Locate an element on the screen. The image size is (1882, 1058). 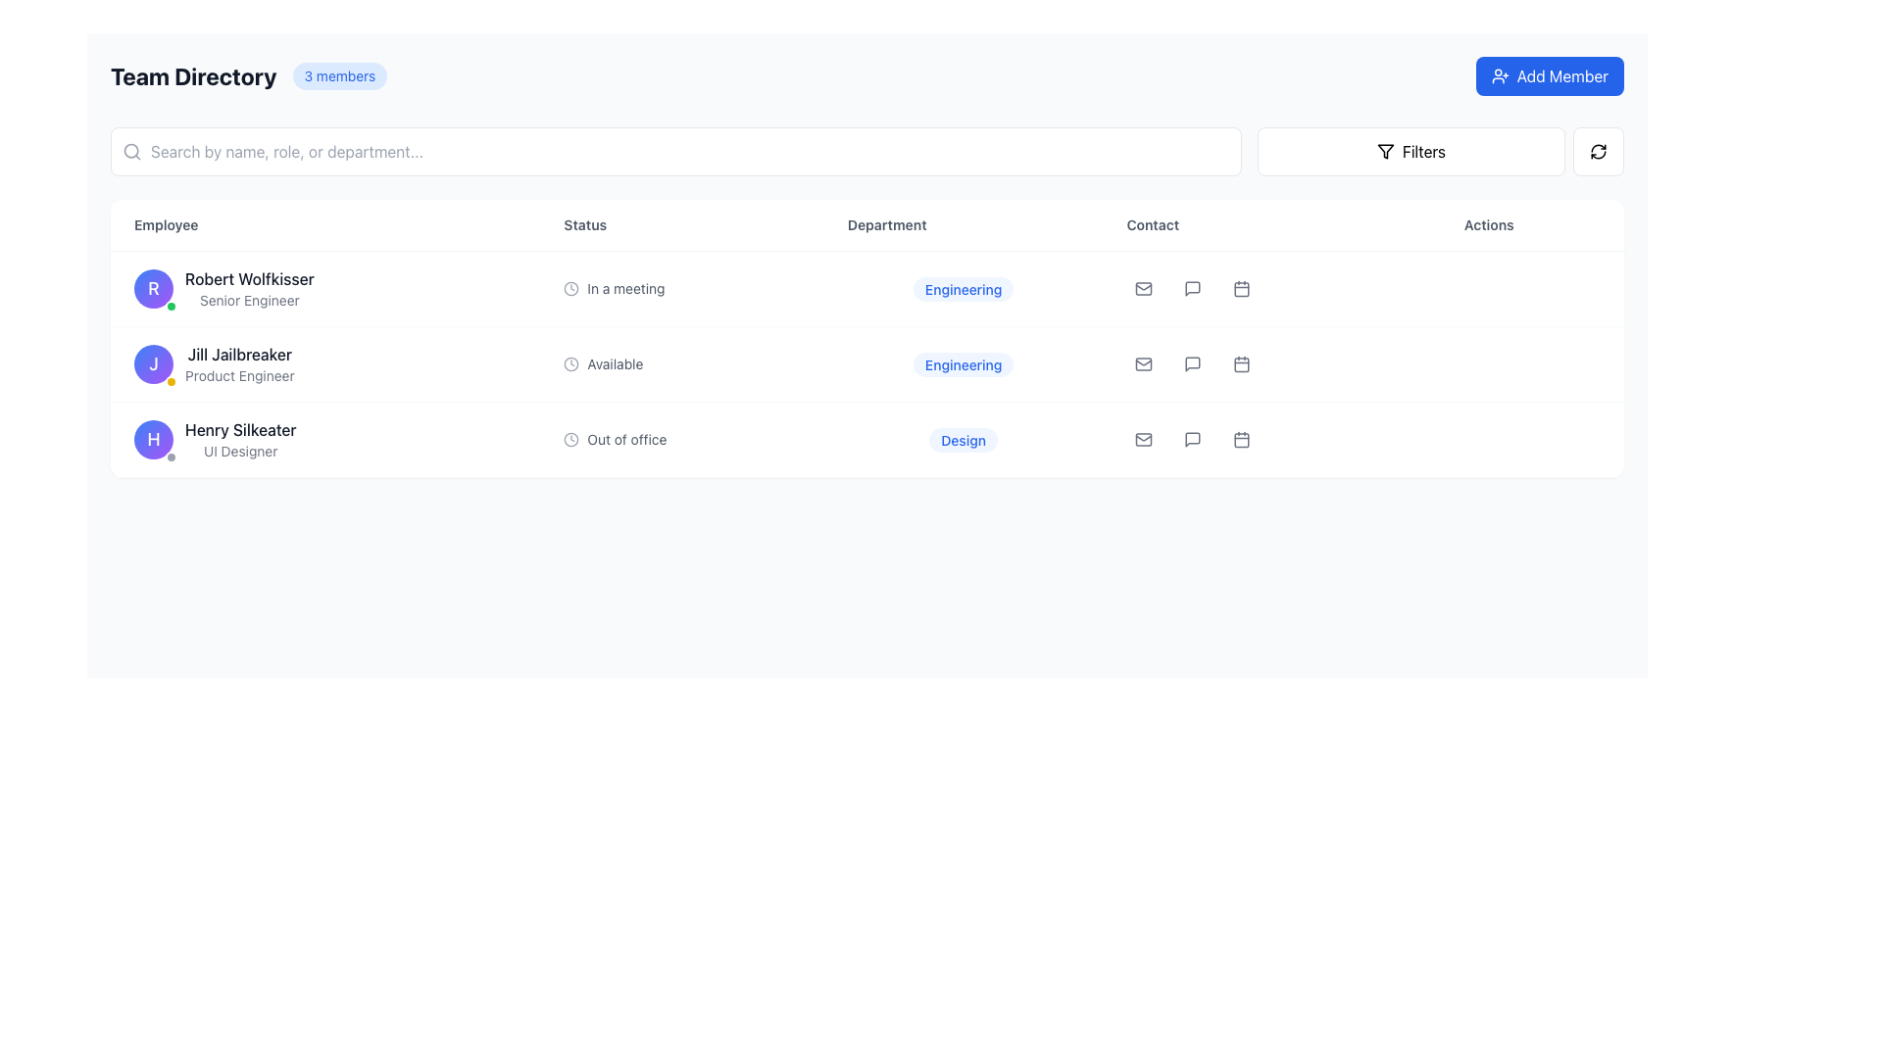
the ellipsis button located at the far-right side under the 'Actions' column in the row representing 'Robert Wolfkisser, Senior Engineer'. This button contains a vertically aligned set of three dots and is the last interactive element in the column is located at coordinates (1531, 288).